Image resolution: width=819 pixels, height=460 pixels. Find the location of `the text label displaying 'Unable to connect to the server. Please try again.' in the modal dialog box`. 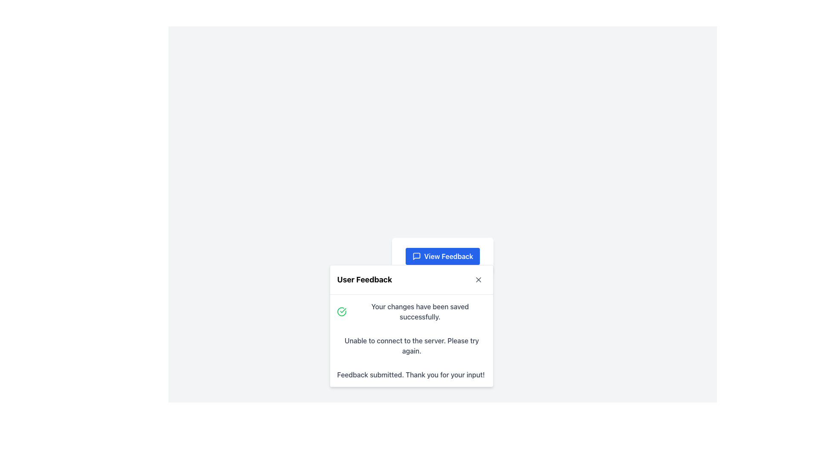

the text label displaying 'Unable to connect to the server. Please try again.' in the modal dialog box is located at coordinates (412, 346).